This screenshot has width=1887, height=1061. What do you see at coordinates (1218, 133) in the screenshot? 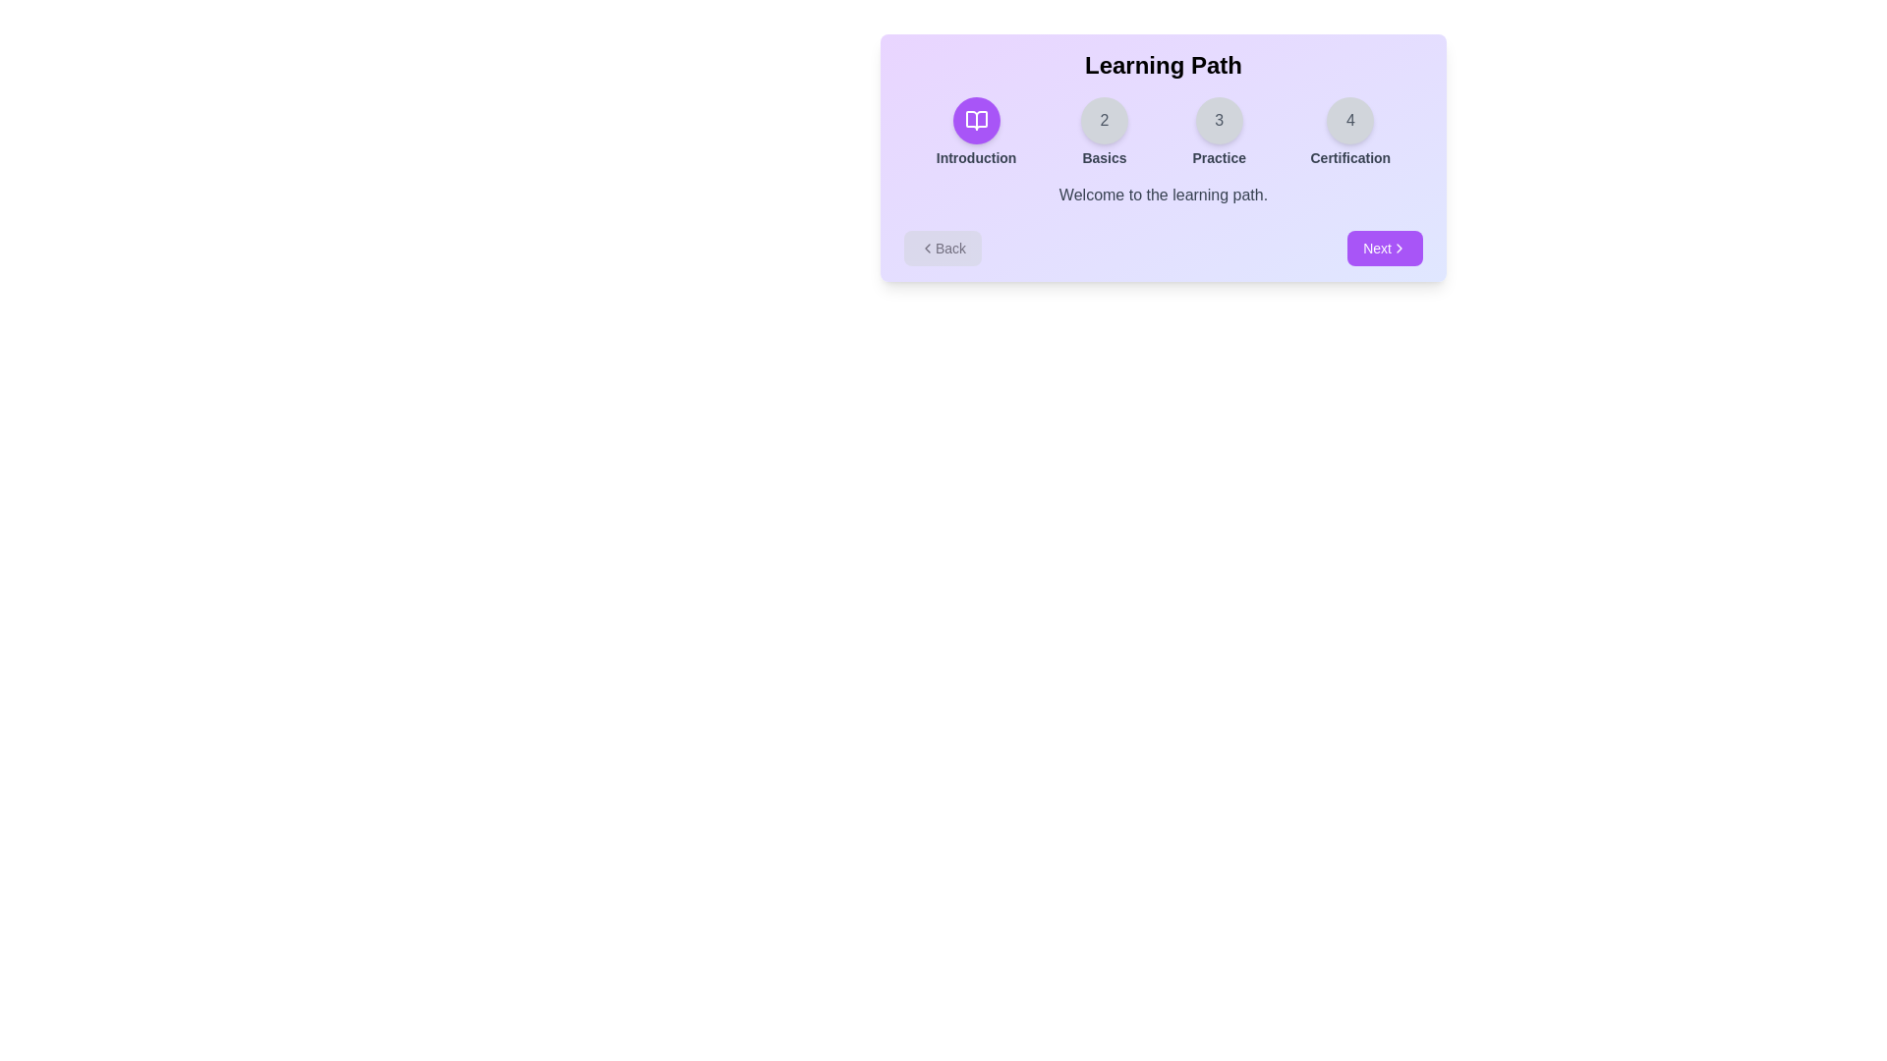
I see `the step indicator for Practice` at bounding box center [1218, 133].